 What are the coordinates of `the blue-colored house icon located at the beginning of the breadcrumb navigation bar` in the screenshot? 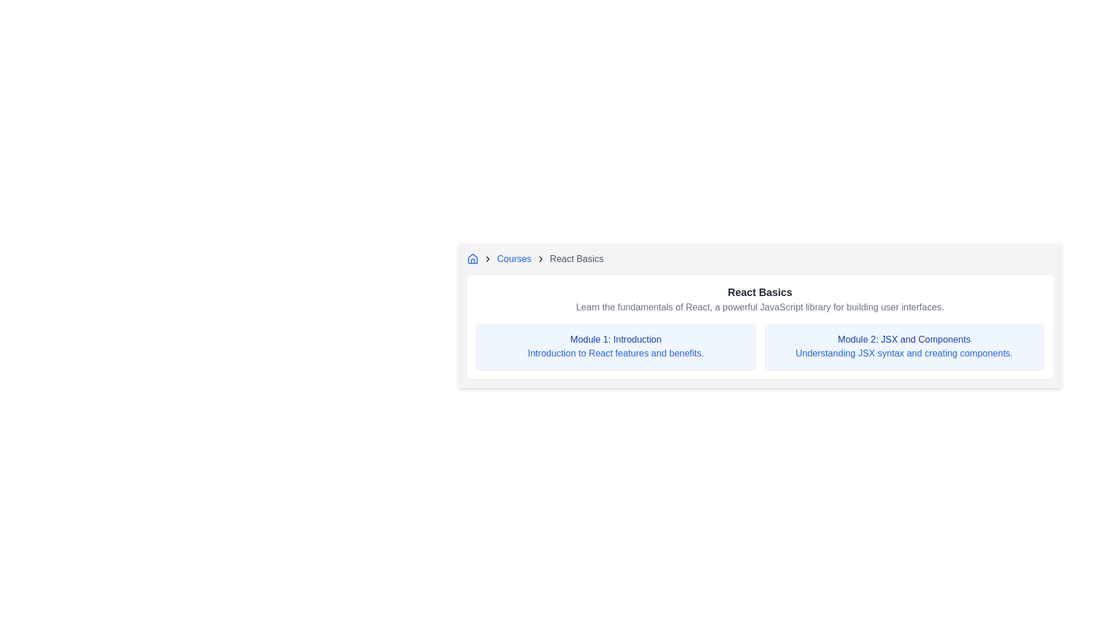 It's located at (472, 259).